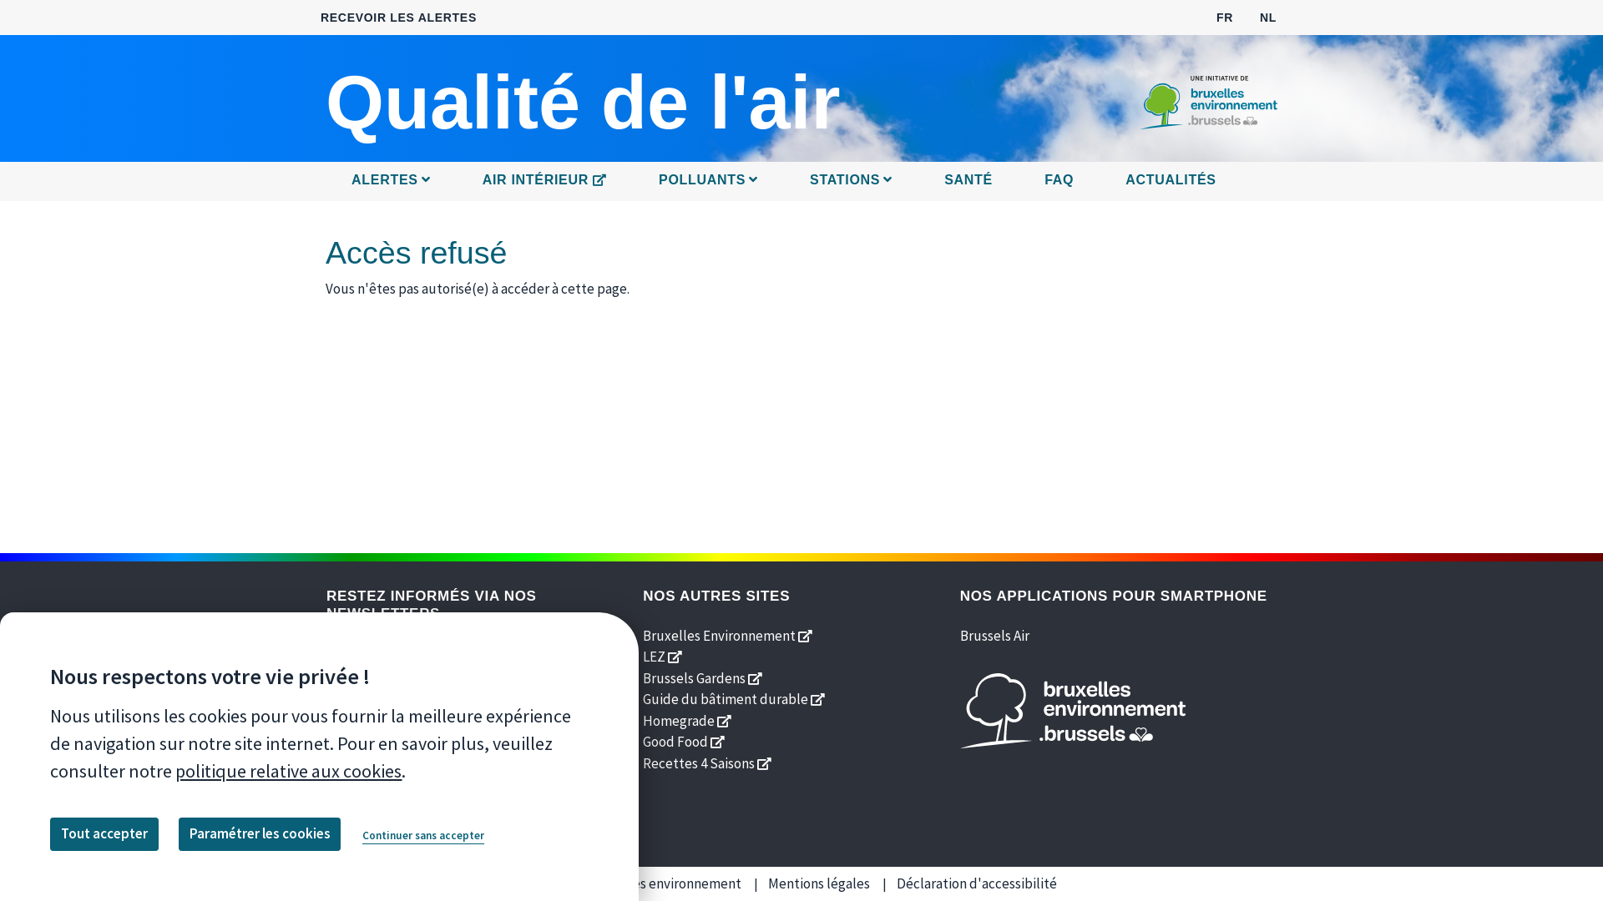  What do you see at coordinates (994, 634) in the screenshot?
I see `'Brussels Air'` at bounding box center [994, 634].